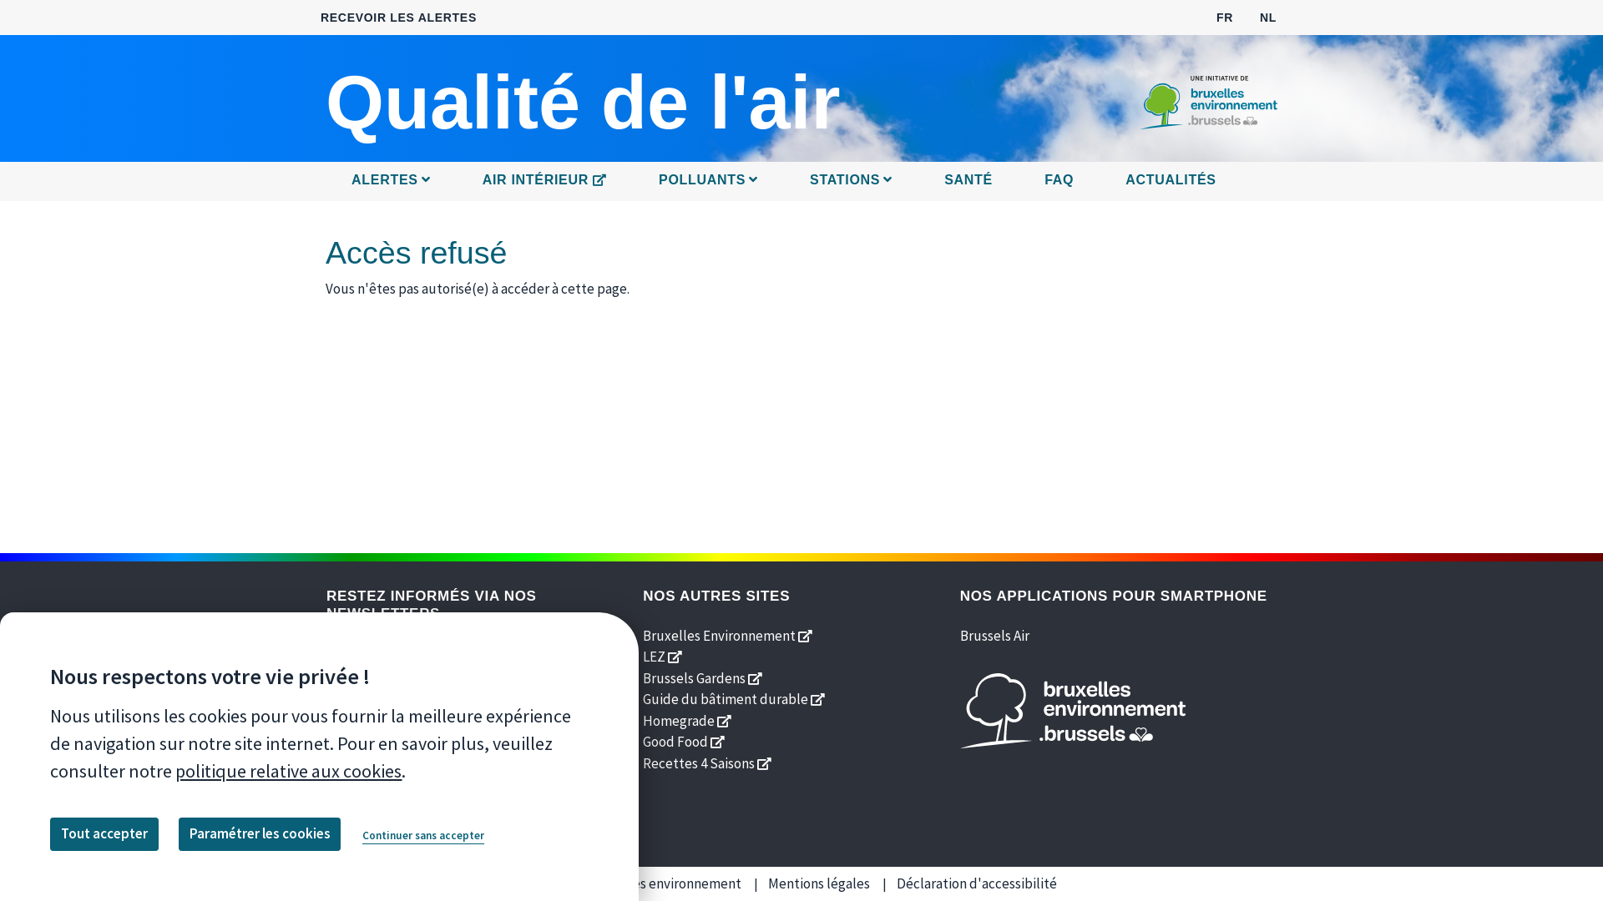  What do you see at coordinates (994, 634) in the screenshot?
I see `'Brussels Air'` at bounding box center [994, 634].